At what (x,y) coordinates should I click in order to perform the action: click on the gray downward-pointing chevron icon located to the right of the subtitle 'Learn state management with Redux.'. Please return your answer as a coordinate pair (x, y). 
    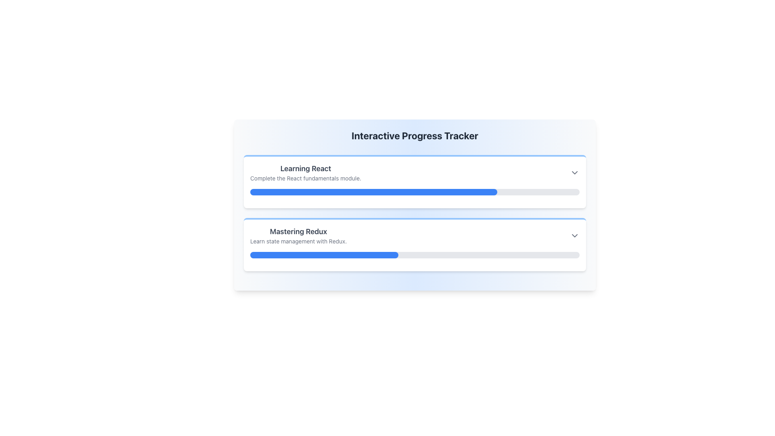
    Looking at the image, I should click on (574, 235).